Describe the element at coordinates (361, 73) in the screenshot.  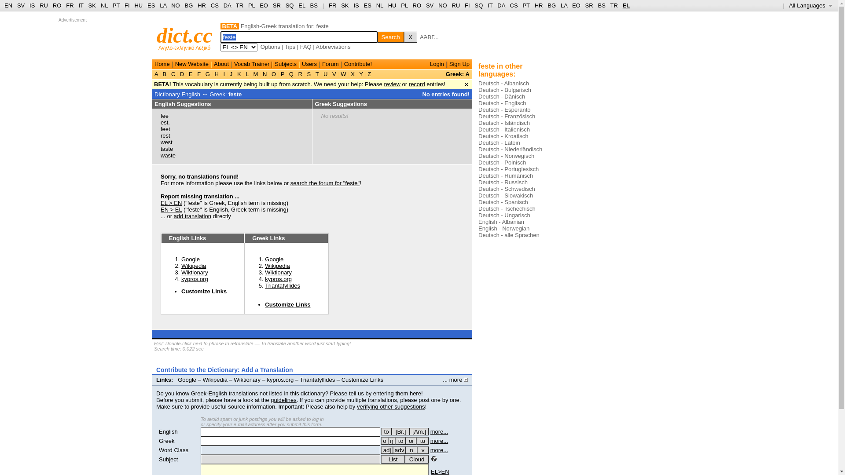
I see `'Y'` at that location.